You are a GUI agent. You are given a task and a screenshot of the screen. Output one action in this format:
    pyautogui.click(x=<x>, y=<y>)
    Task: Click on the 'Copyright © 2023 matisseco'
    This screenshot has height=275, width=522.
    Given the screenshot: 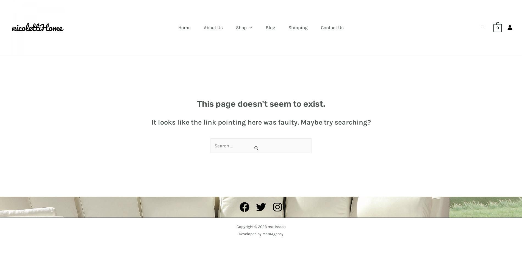 What is the action you would take?
    pyautogui.click(x=260, y=226)
    